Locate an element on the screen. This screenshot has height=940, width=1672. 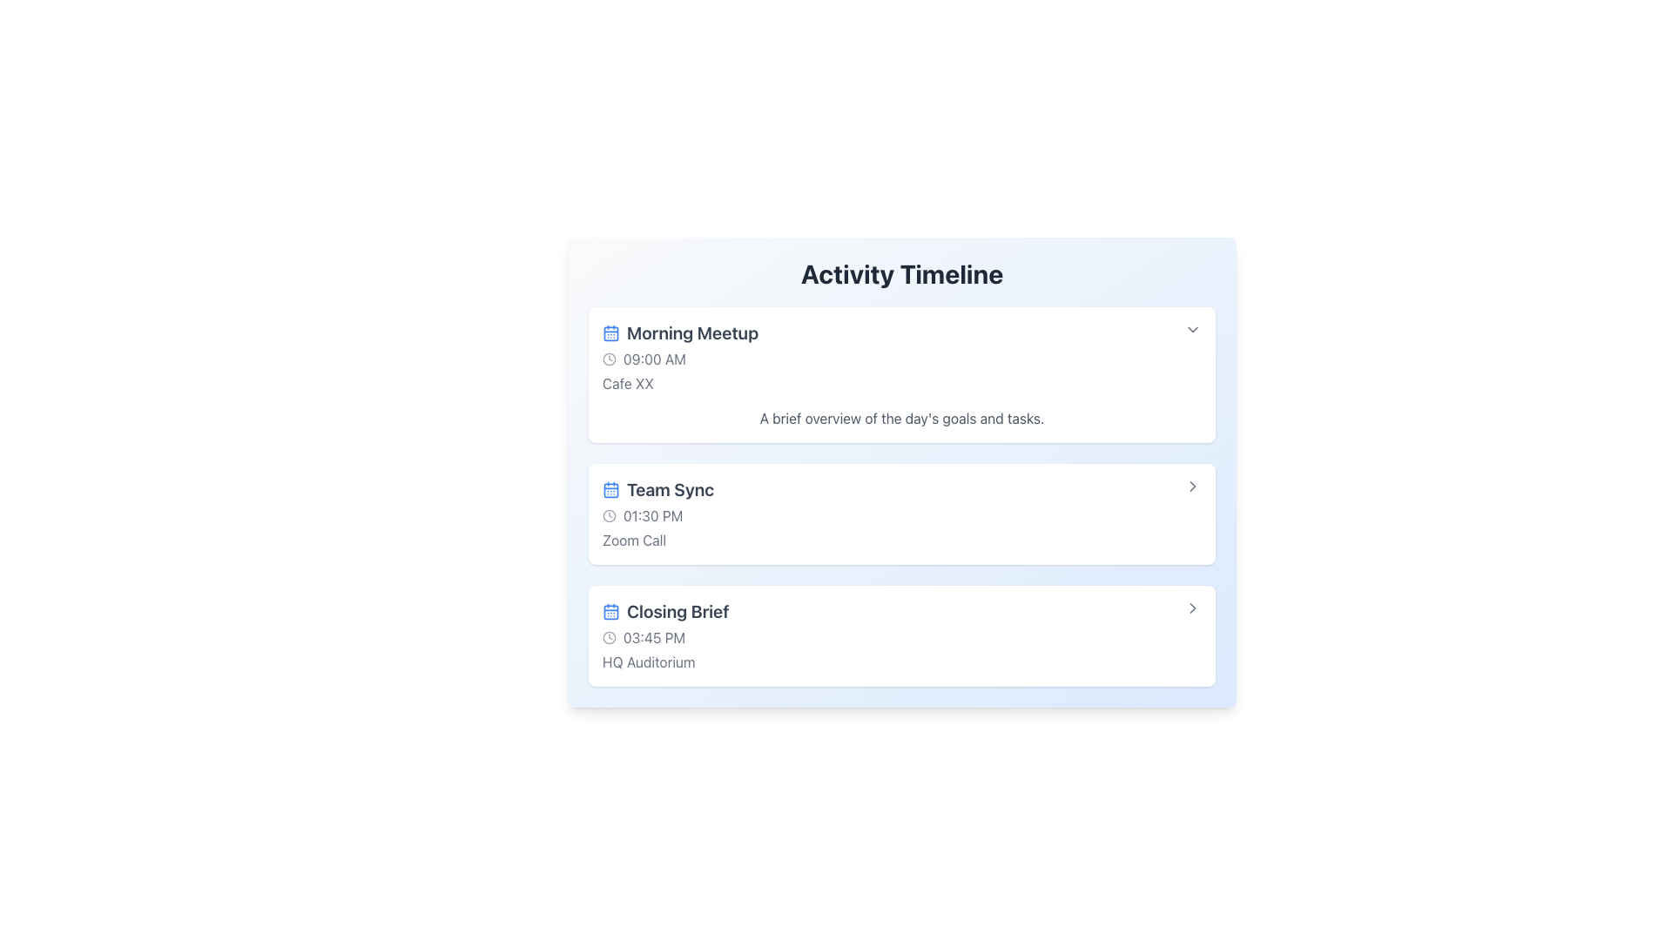
the event entry in the timeline that represents an event scheduled, located in the top-left section and positioned above the 'Team Sync' and 'Closing Brief' entries is located at coordinates (679, 357).